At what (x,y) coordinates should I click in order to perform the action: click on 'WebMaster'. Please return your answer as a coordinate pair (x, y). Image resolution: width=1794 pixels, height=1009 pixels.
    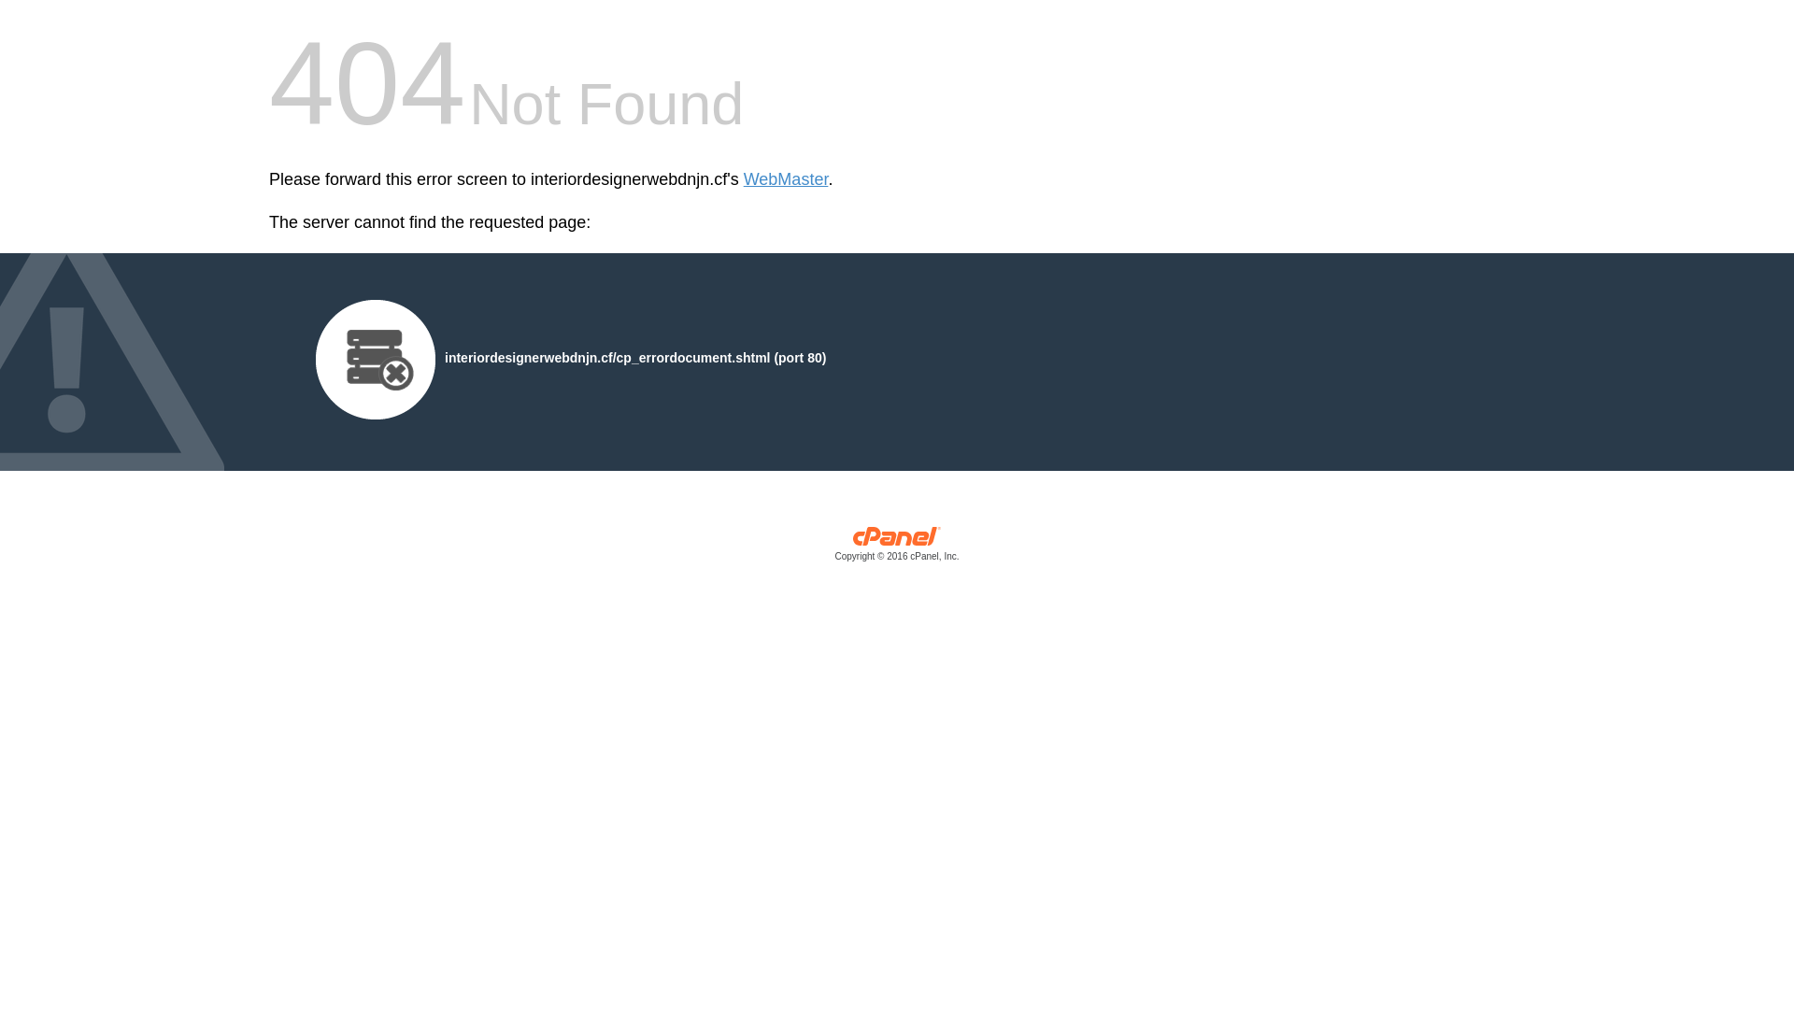
    Looking at the image, I should click on (786, 179).